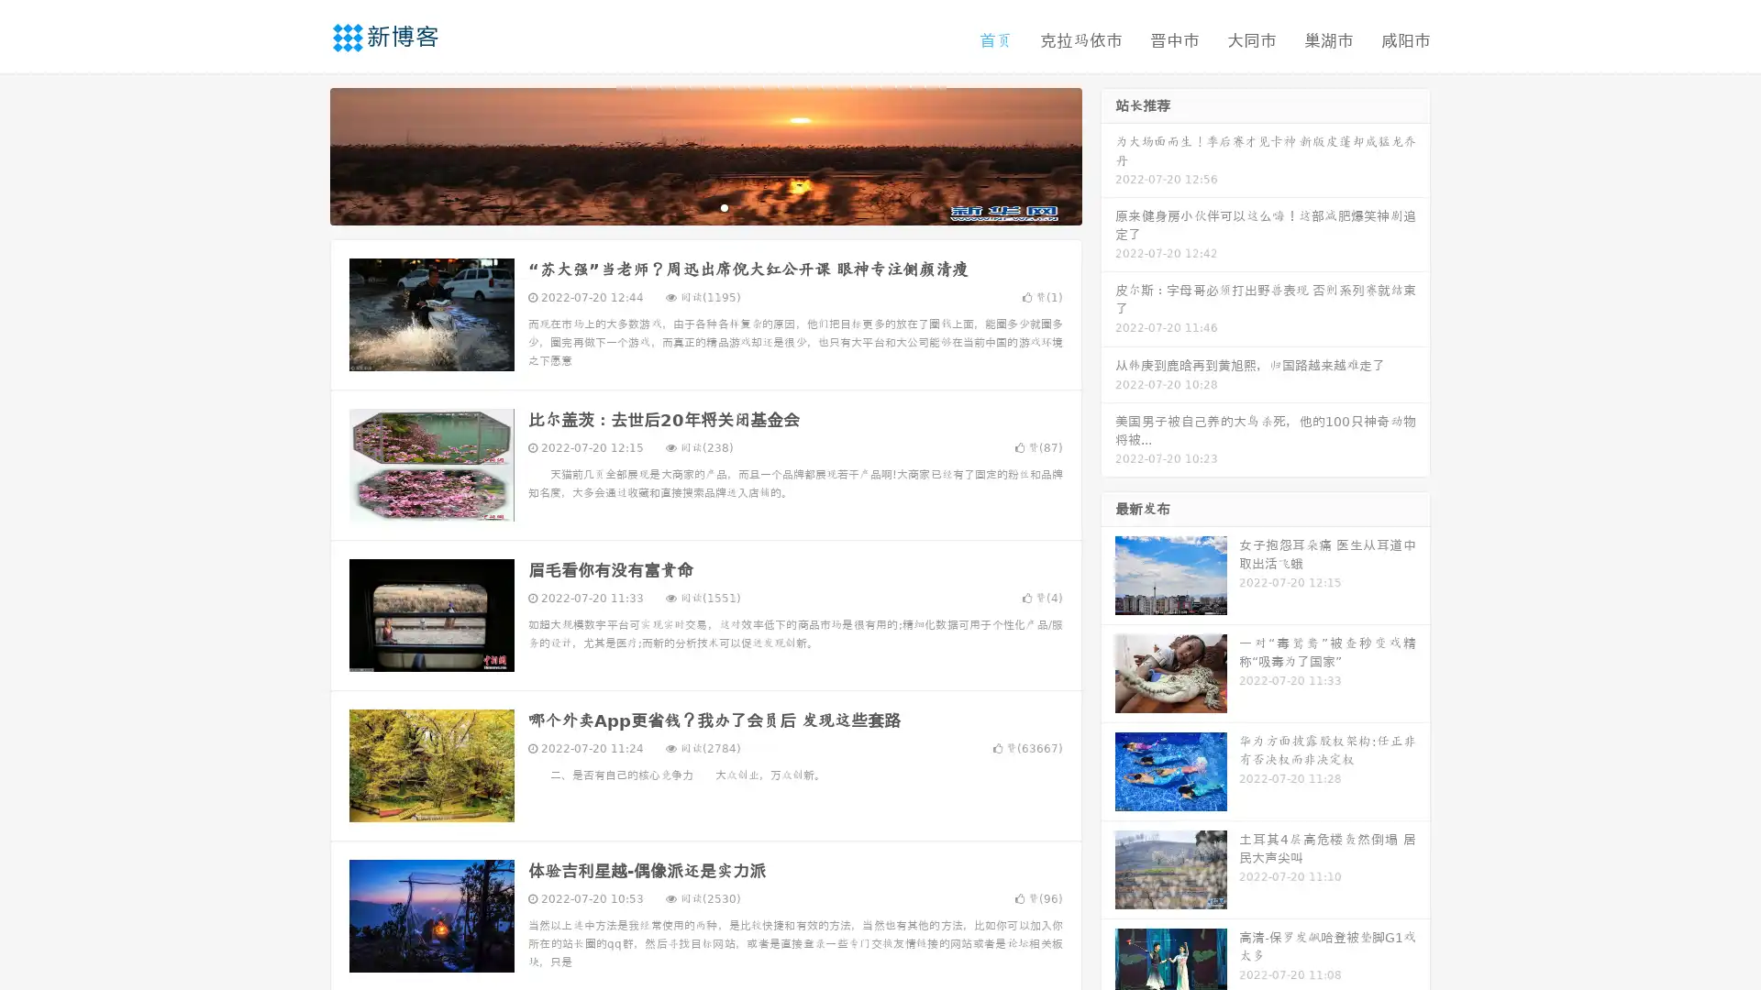 Image resolution: width=1761 pixels, height=990 pixels. What do you see at coordinates (704, 206) in the screenshot?
I see `Go to slide 2` at bounding box center [704, 206].